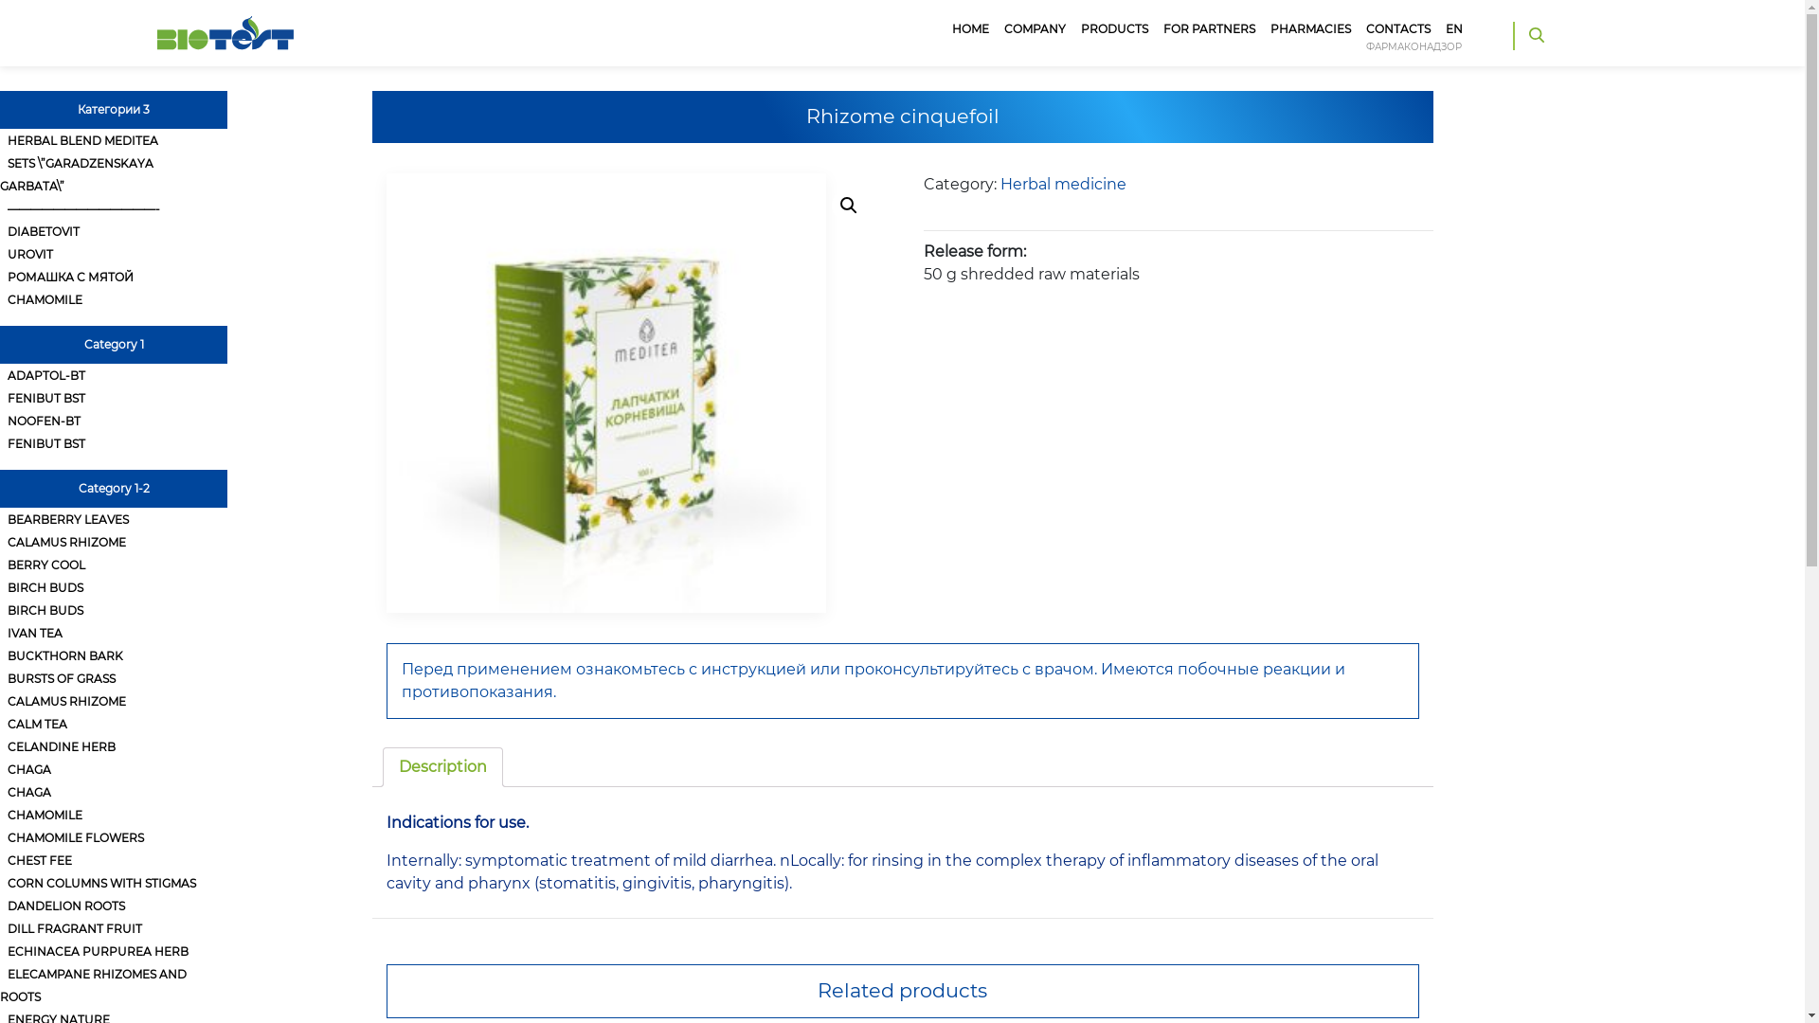  What do you see at coordinates (68, 519) in the screenshot?
I see `'BEARBERRY LEAVES'` at bounding box center [68, 519].